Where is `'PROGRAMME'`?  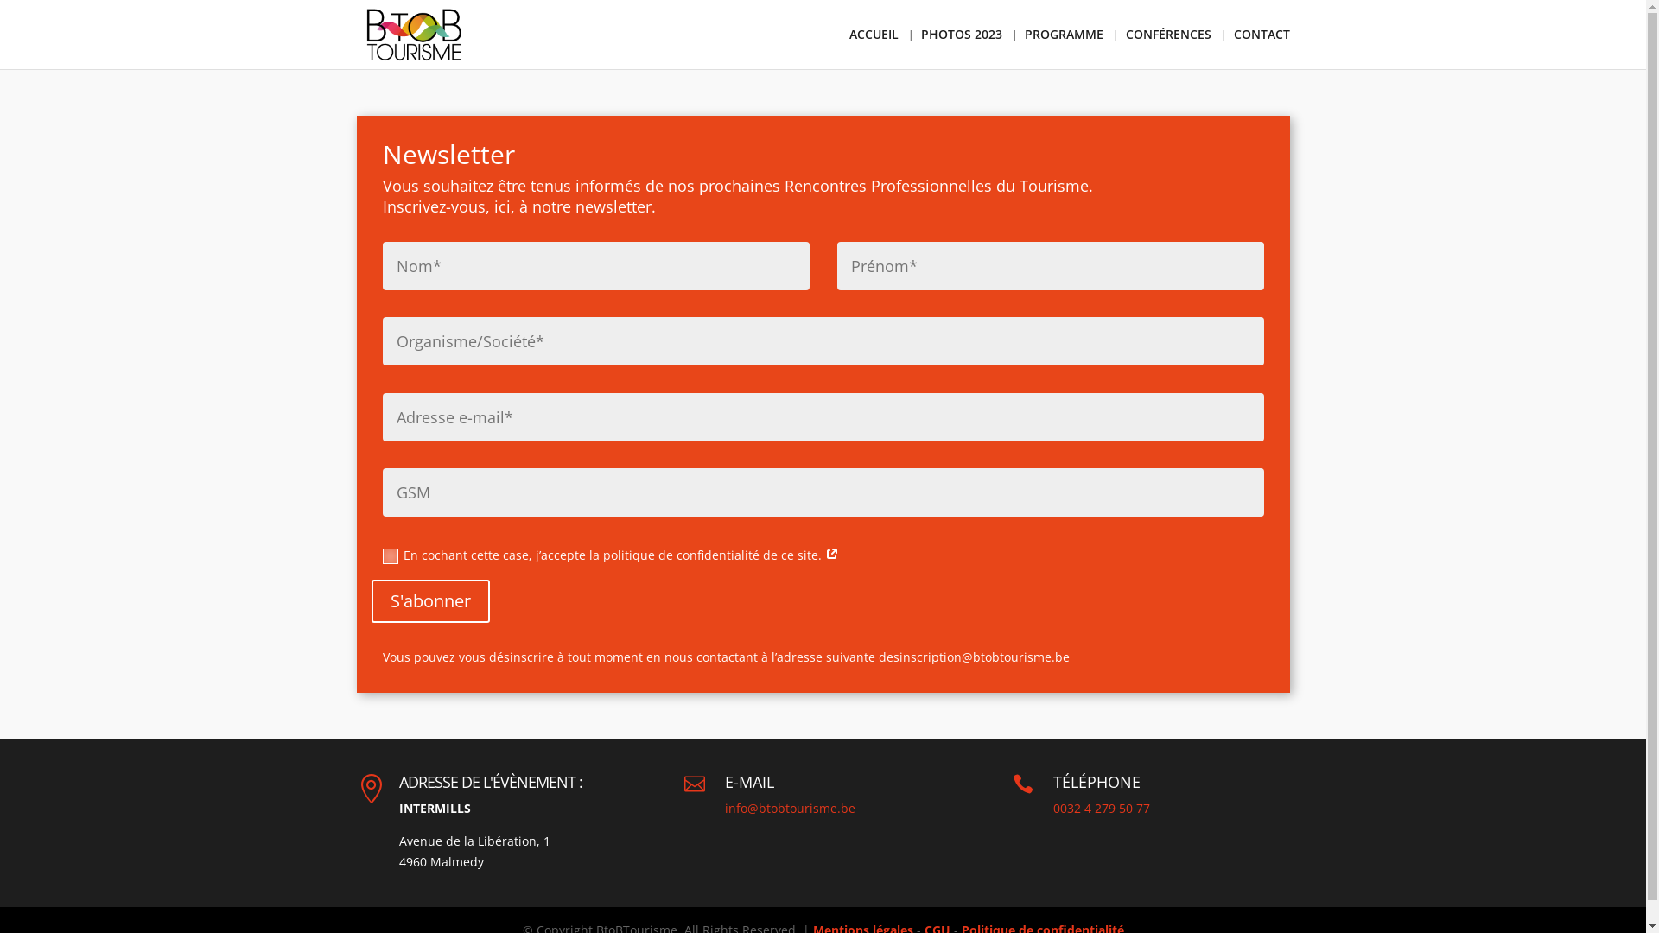 'PROGRAMME' is located at coordinates (1063, 48).